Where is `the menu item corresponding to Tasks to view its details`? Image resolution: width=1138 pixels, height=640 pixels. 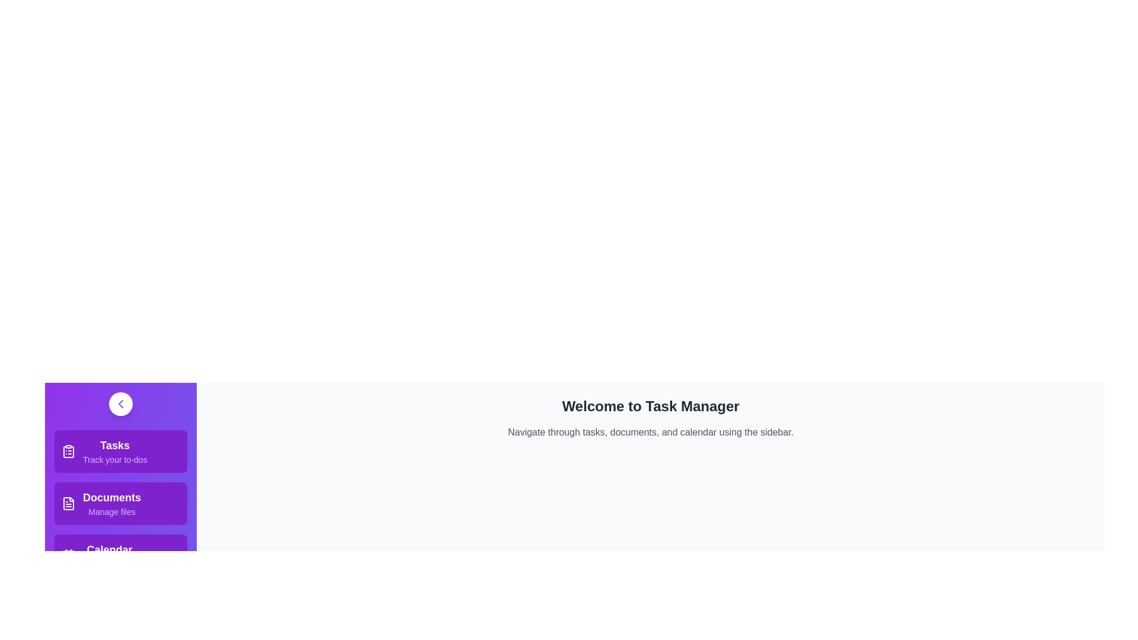 the menu item corresponding to Tasks to view its details is located at coordinates (120, 452).